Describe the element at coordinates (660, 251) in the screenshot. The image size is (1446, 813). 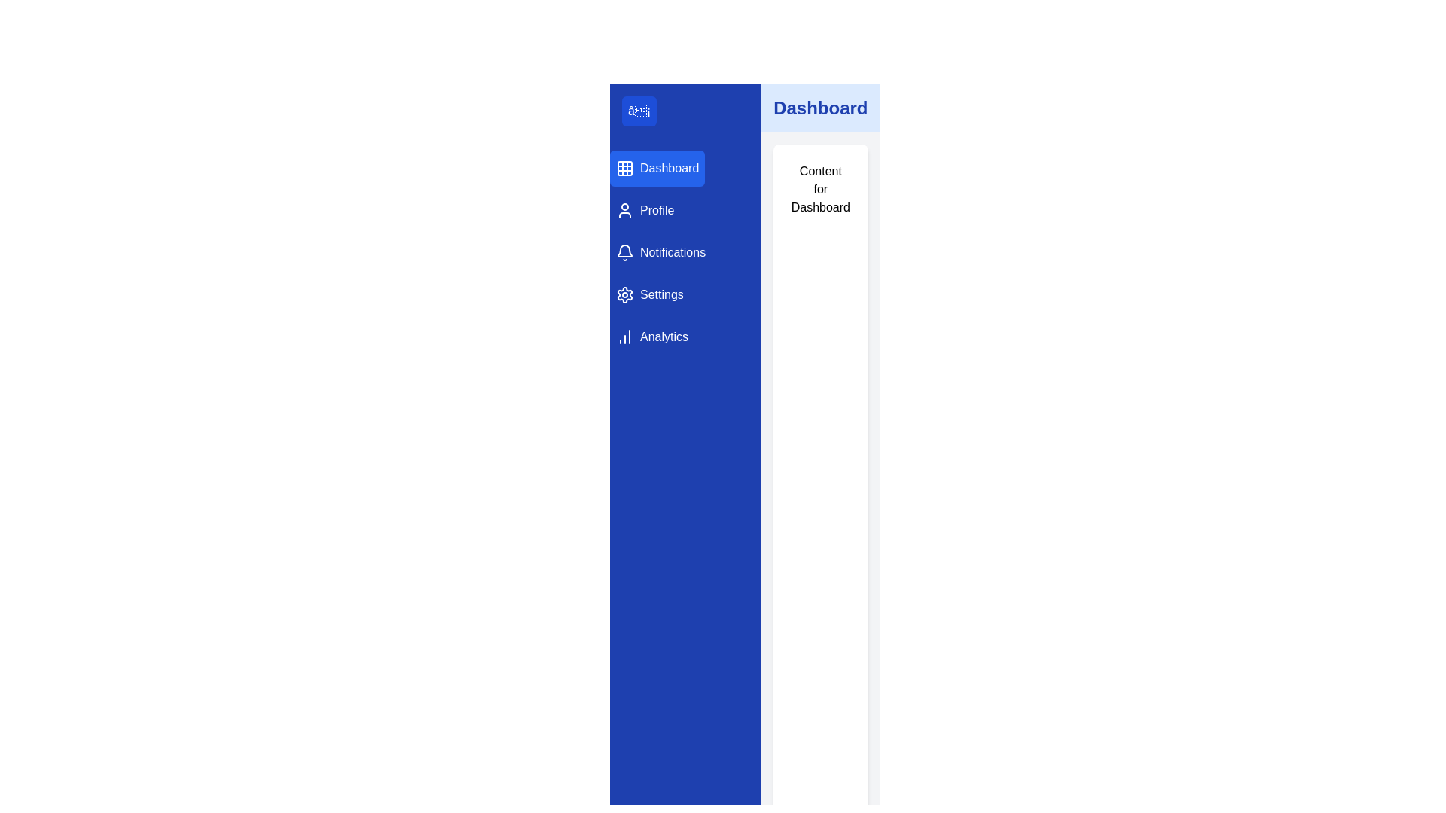
I see `the 'Notifications' button in the vertical navigation menu, which has a bell icon and a blue background` at that location.